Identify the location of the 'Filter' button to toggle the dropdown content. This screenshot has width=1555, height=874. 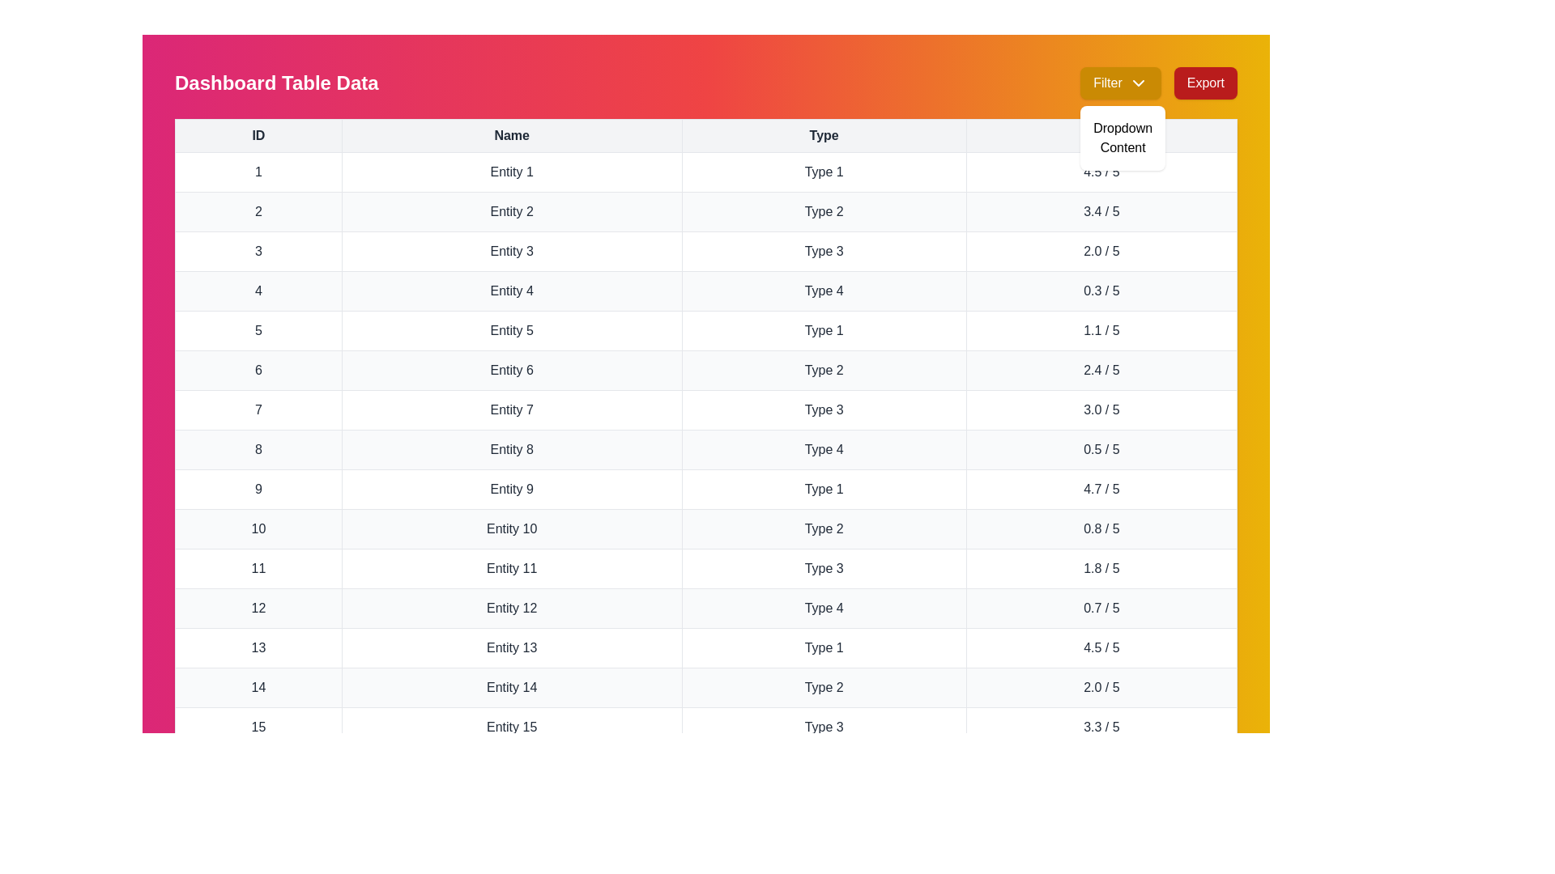
(1118, 83).